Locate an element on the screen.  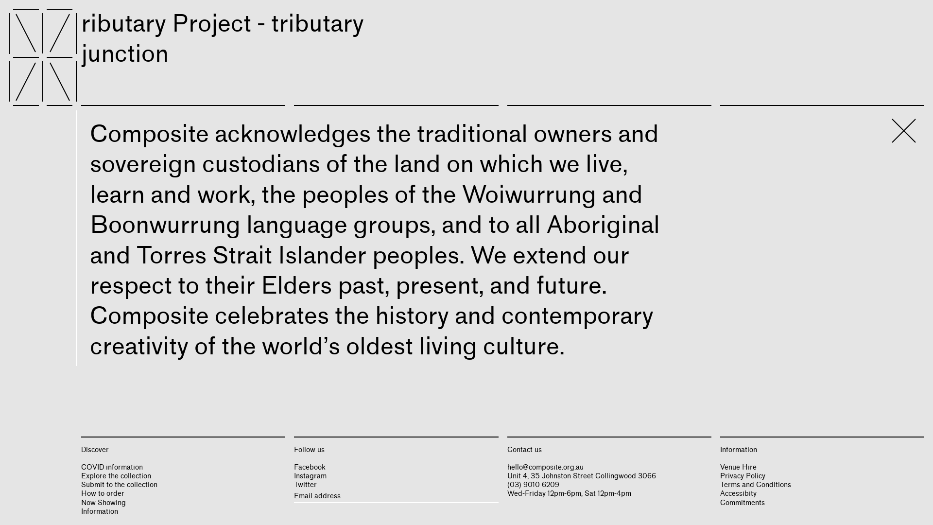
'Facebook' is located at coordinates (309, 467).